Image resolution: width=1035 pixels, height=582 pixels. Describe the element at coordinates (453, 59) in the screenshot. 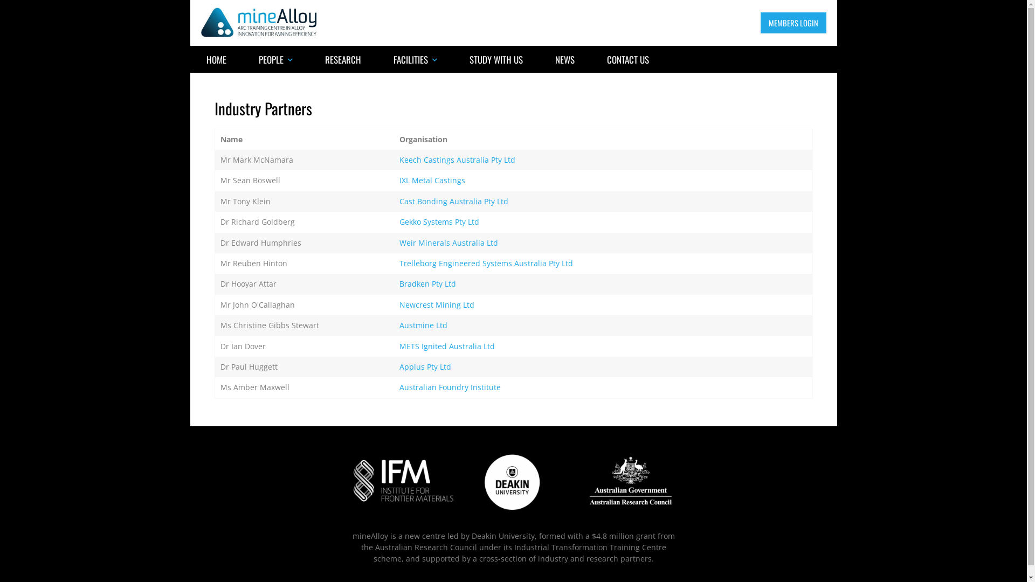

I see `'STUDY WITH US'` at that location.